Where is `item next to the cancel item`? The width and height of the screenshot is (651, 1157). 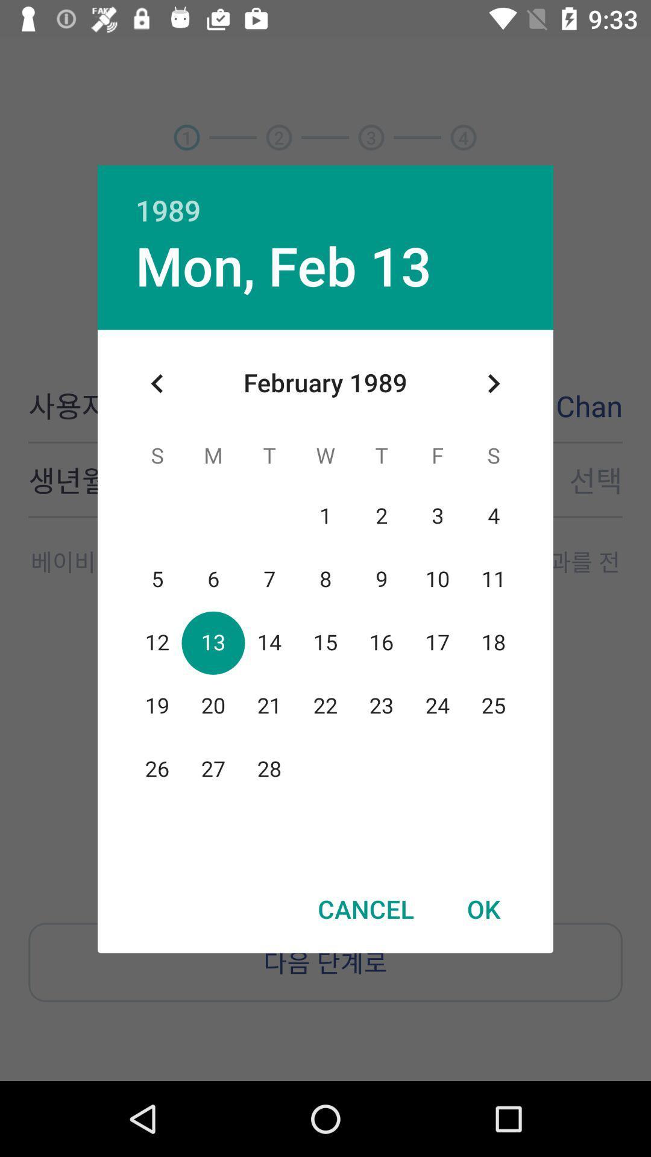
item next to the cancel item is located at coordinates (483, 909).